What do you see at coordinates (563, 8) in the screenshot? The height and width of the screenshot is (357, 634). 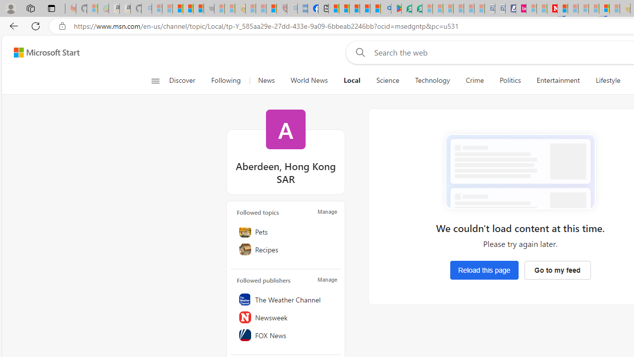 I see `'Trusted Community Engagement and Contributions | Guidelines'` at bounding box center [563, 8].